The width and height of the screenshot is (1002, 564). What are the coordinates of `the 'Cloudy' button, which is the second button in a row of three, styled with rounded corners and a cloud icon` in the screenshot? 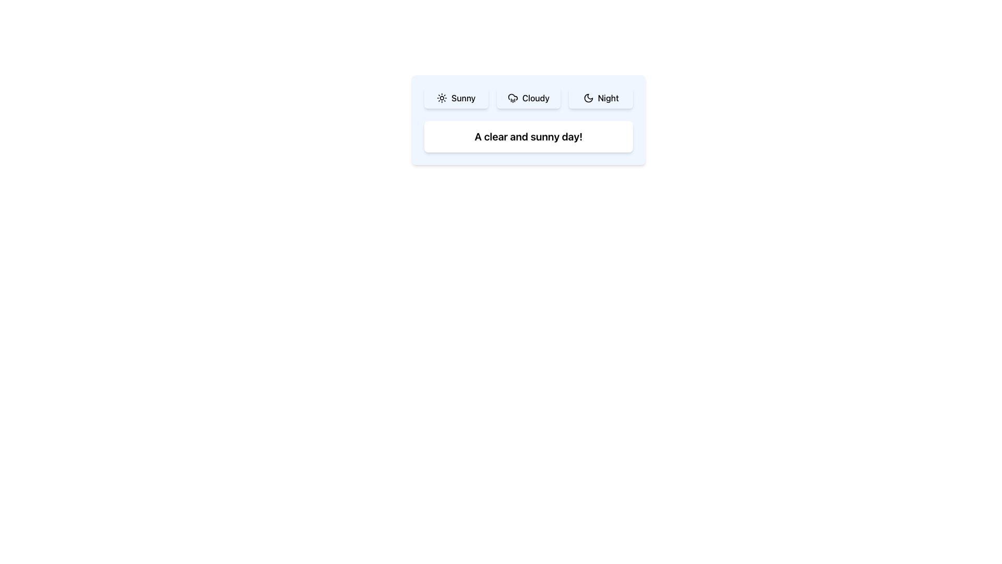 It's located at (528, 98).